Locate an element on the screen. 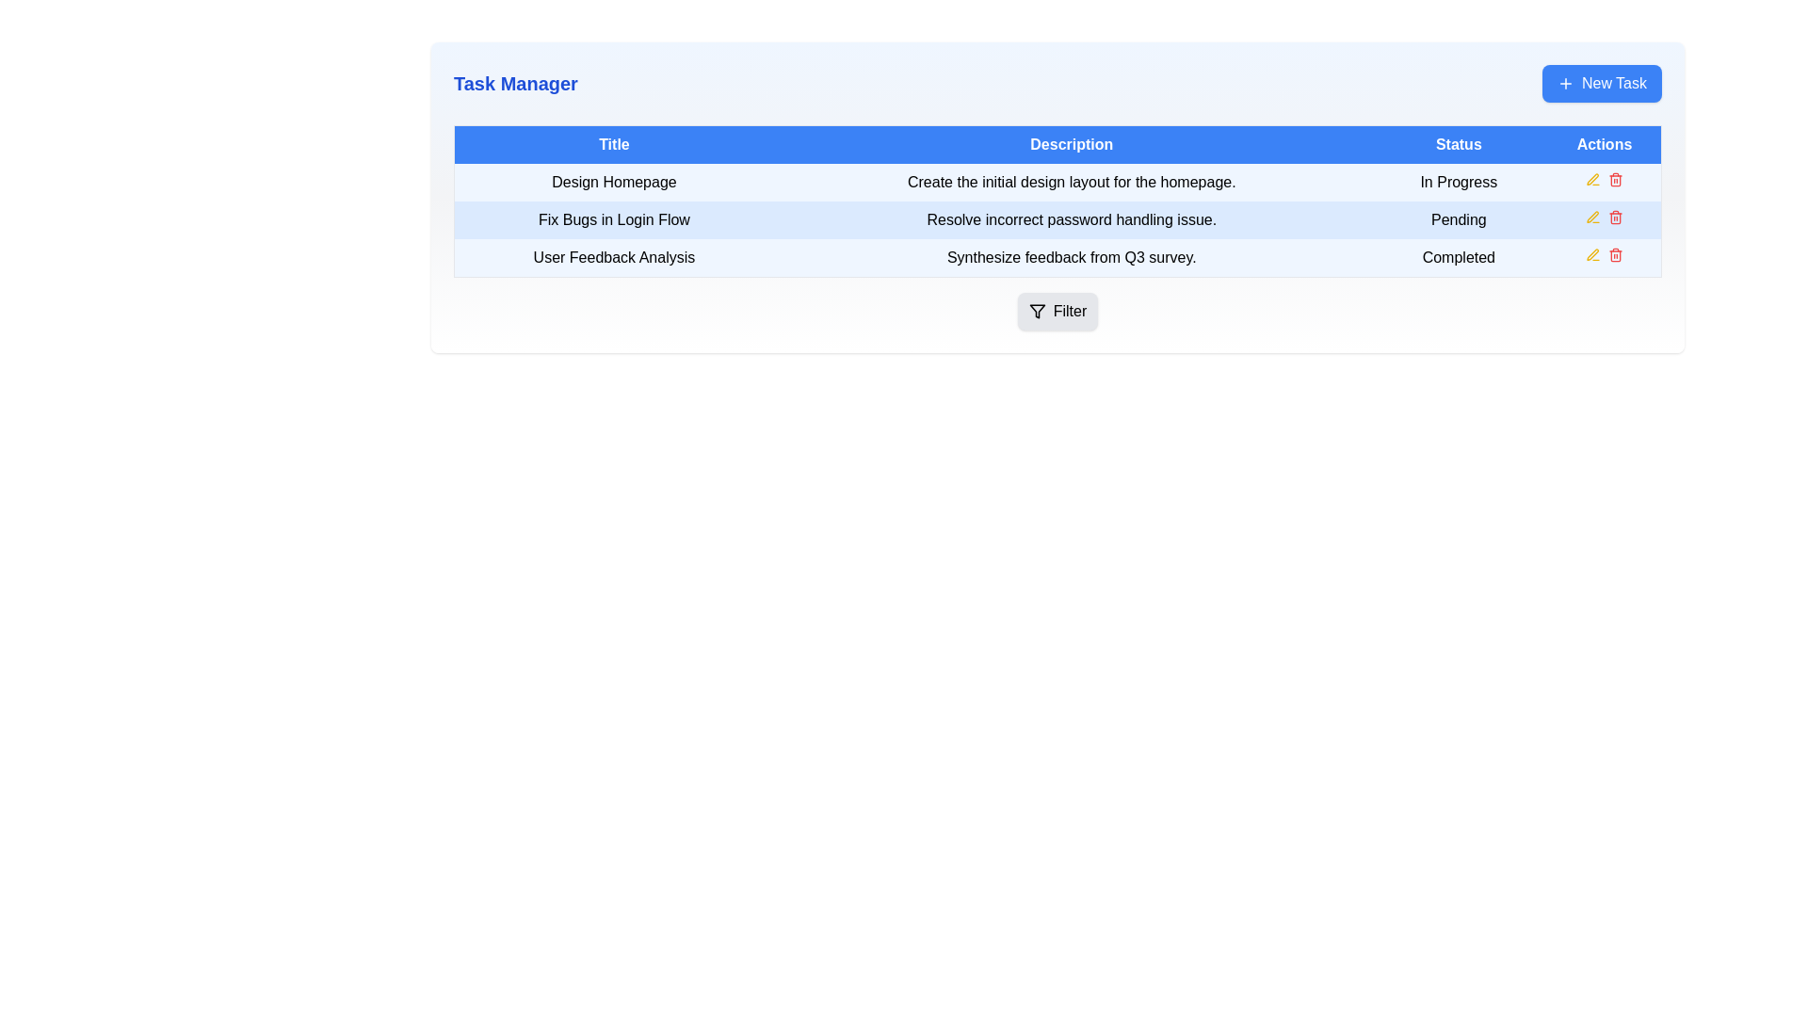 This screenshot has width=1808, height=1017. displayed text from the 'Completed' text label in the 'Status' column of the 'User Feedback Analysis' row is located at coordinates (1458, 258).